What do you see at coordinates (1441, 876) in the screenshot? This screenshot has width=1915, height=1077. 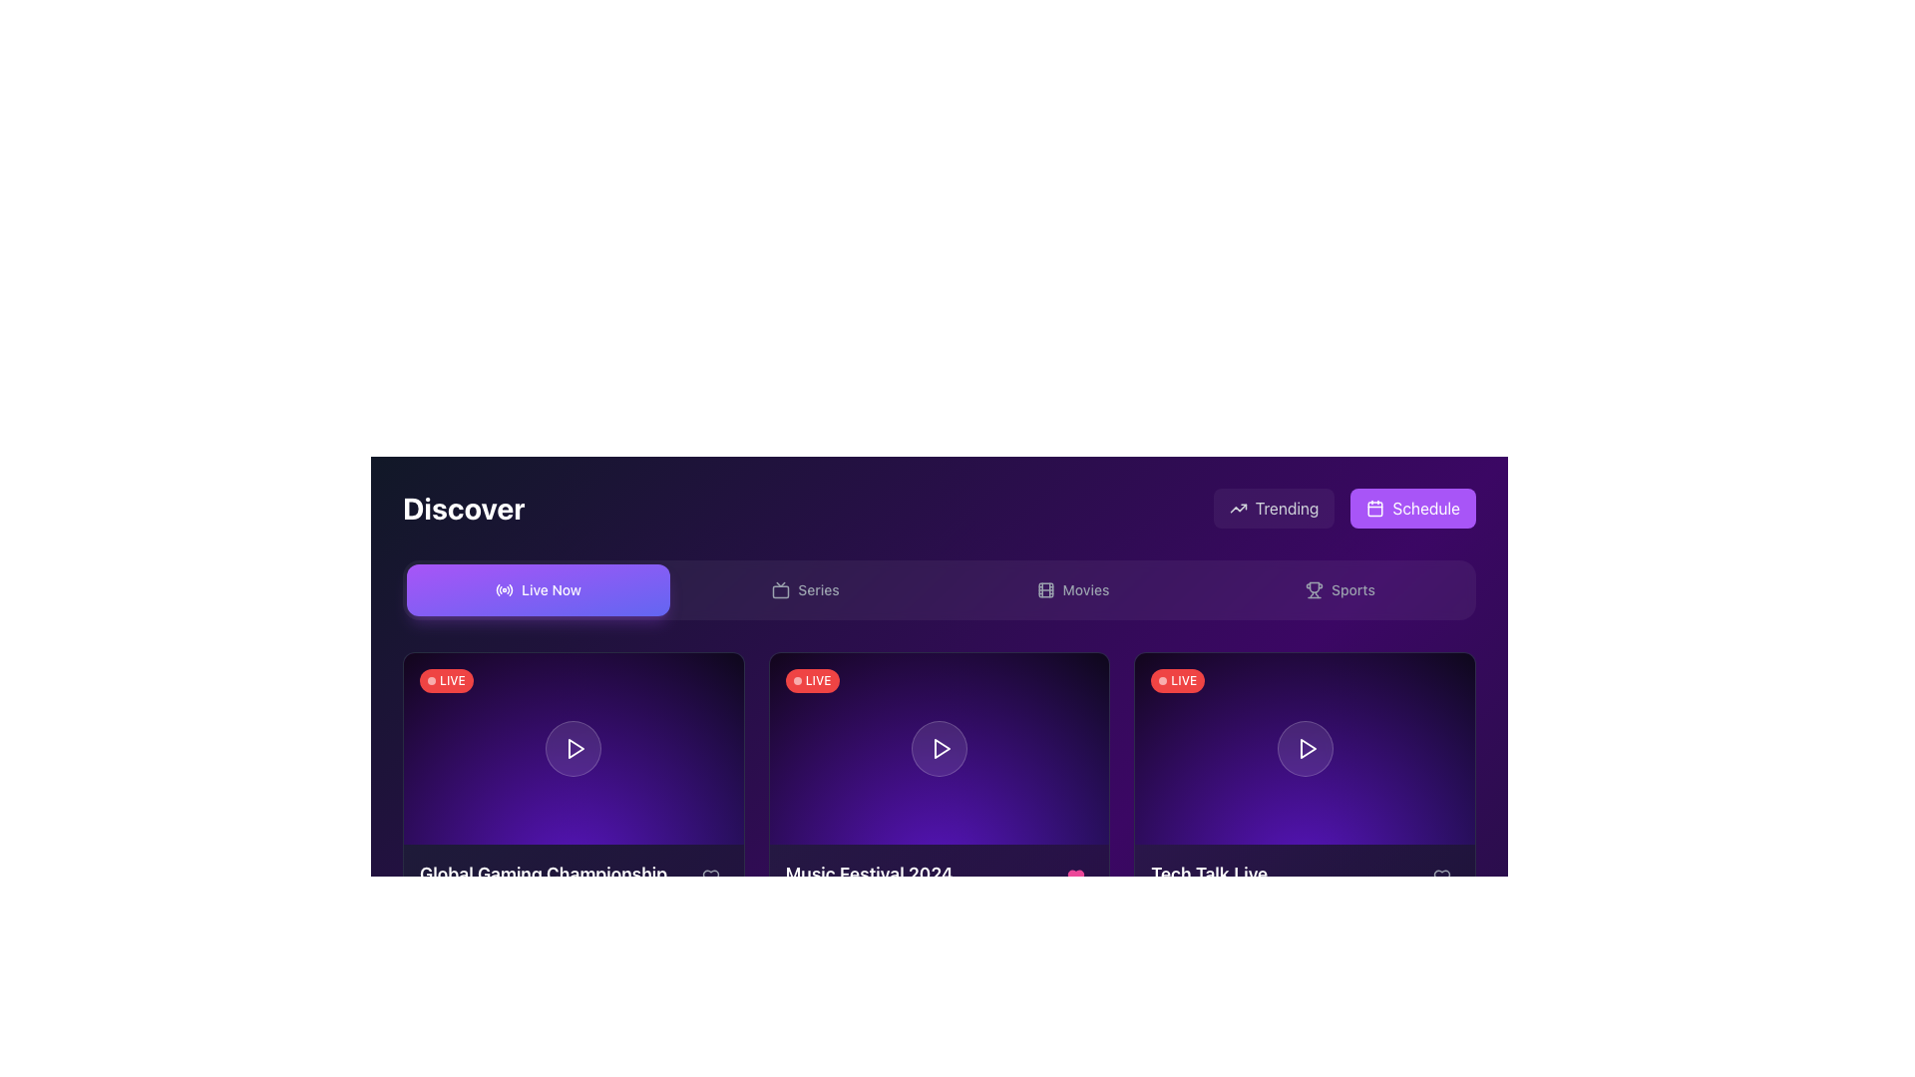 I see `the heart icon located in the bottom-right corner of the 'Tech Talk Live' card to favorite the associated content` at bounding box center [1441, 876].